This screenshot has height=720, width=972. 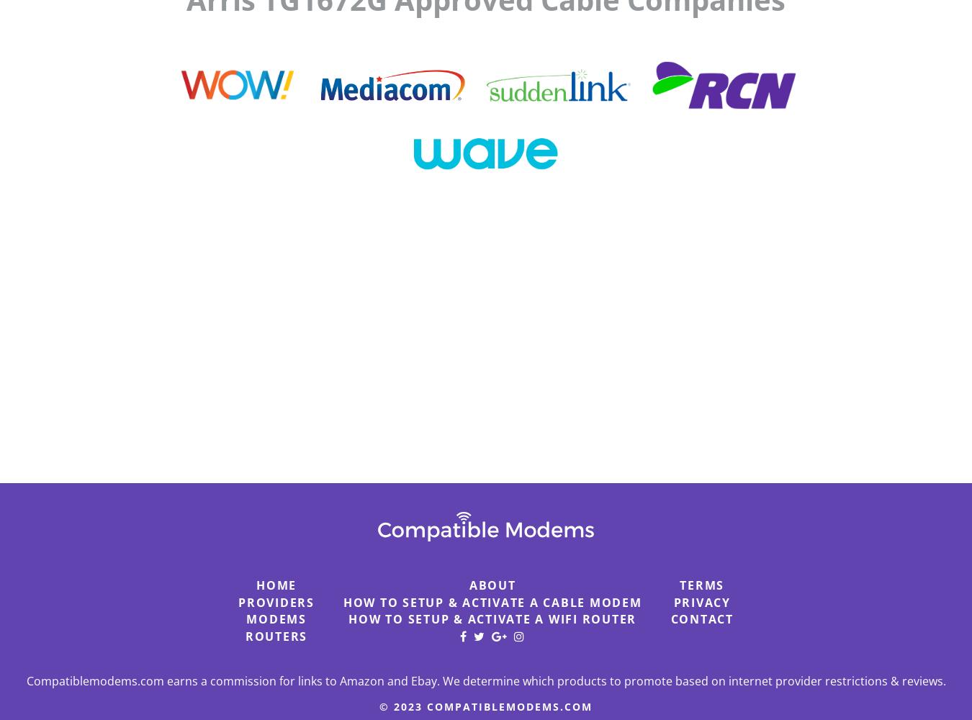 What do you see at coordinates (492, 705) in the screenshot?
I see `'2023 CompatibleModems.com'` at bounding box center [492, 705].